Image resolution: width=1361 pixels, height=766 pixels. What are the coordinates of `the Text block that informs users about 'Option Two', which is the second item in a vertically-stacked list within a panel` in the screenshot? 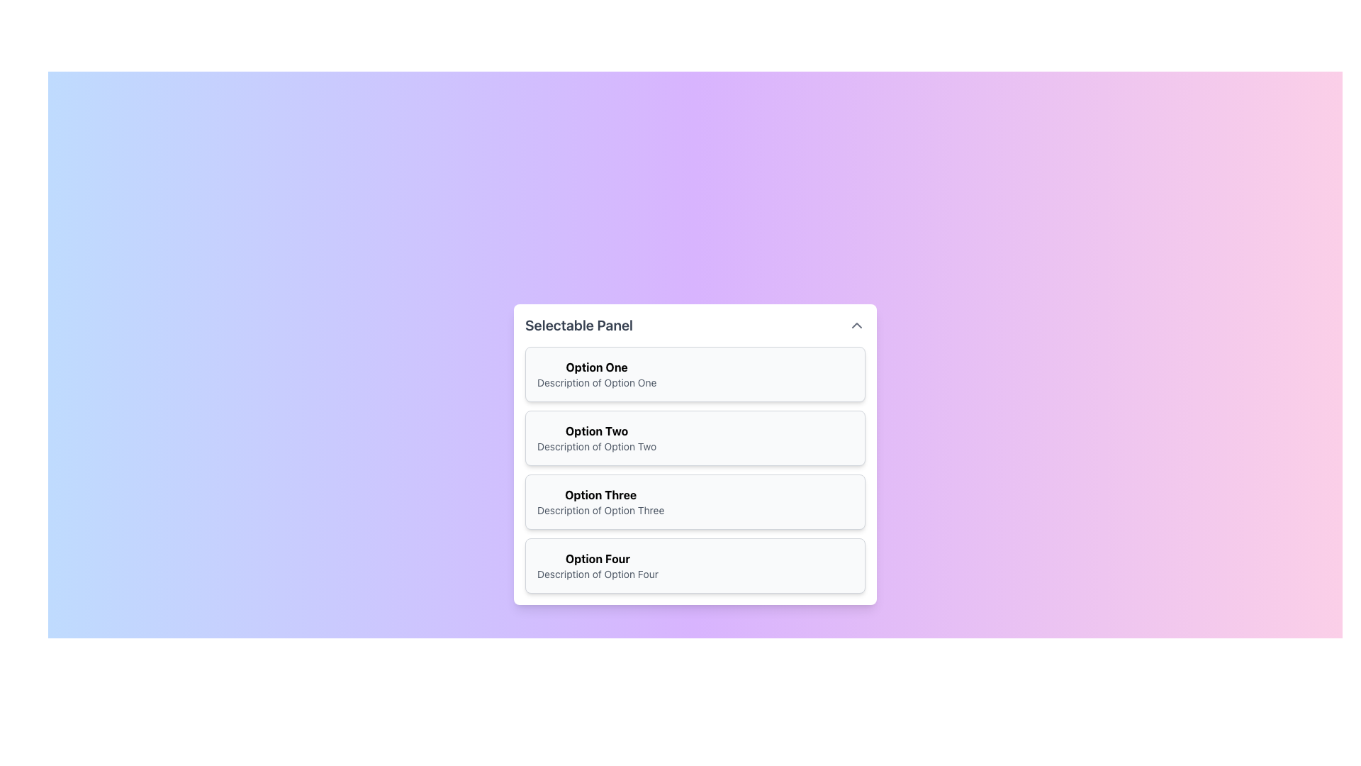 It's located at (597, 437).